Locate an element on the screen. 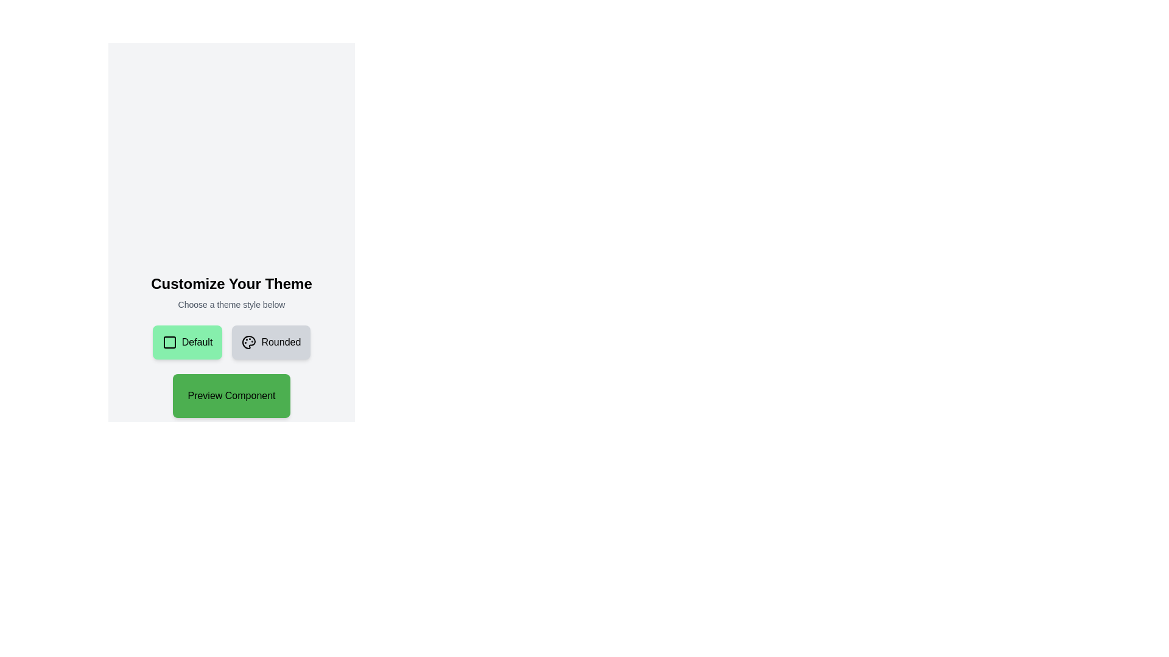 Image resolution: width=1169 pixels, height=657 pixels. the preview button located below the 'Default' and 'Rounded' buttons, which serves as a trigger for previewing selections or functionalities is located at coordinates (231, 396).